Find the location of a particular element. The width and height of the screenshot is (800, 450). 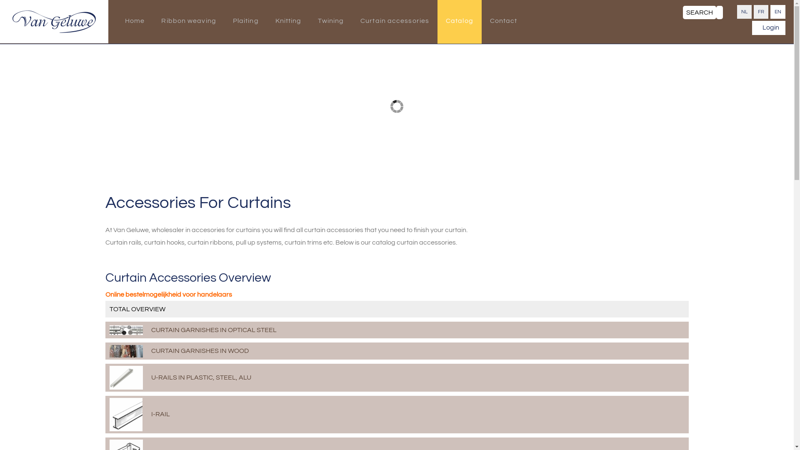

'Login' is located at coordinates (768, 27).